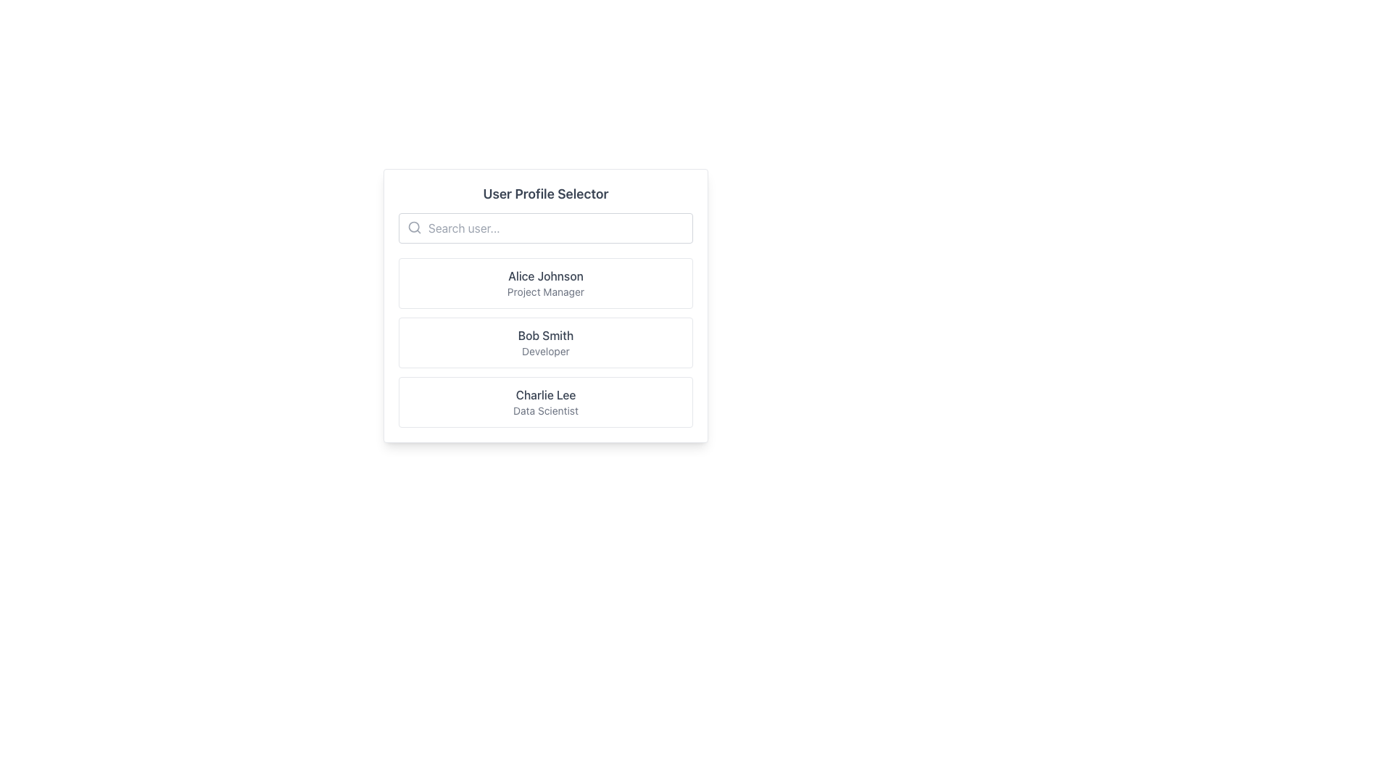 This screenshot has height=783, width=1392. I want to click on the text display element showing 'Alice Johnson' and 'Project Manager' to trigger a possible detailed view, so click(545, 283).